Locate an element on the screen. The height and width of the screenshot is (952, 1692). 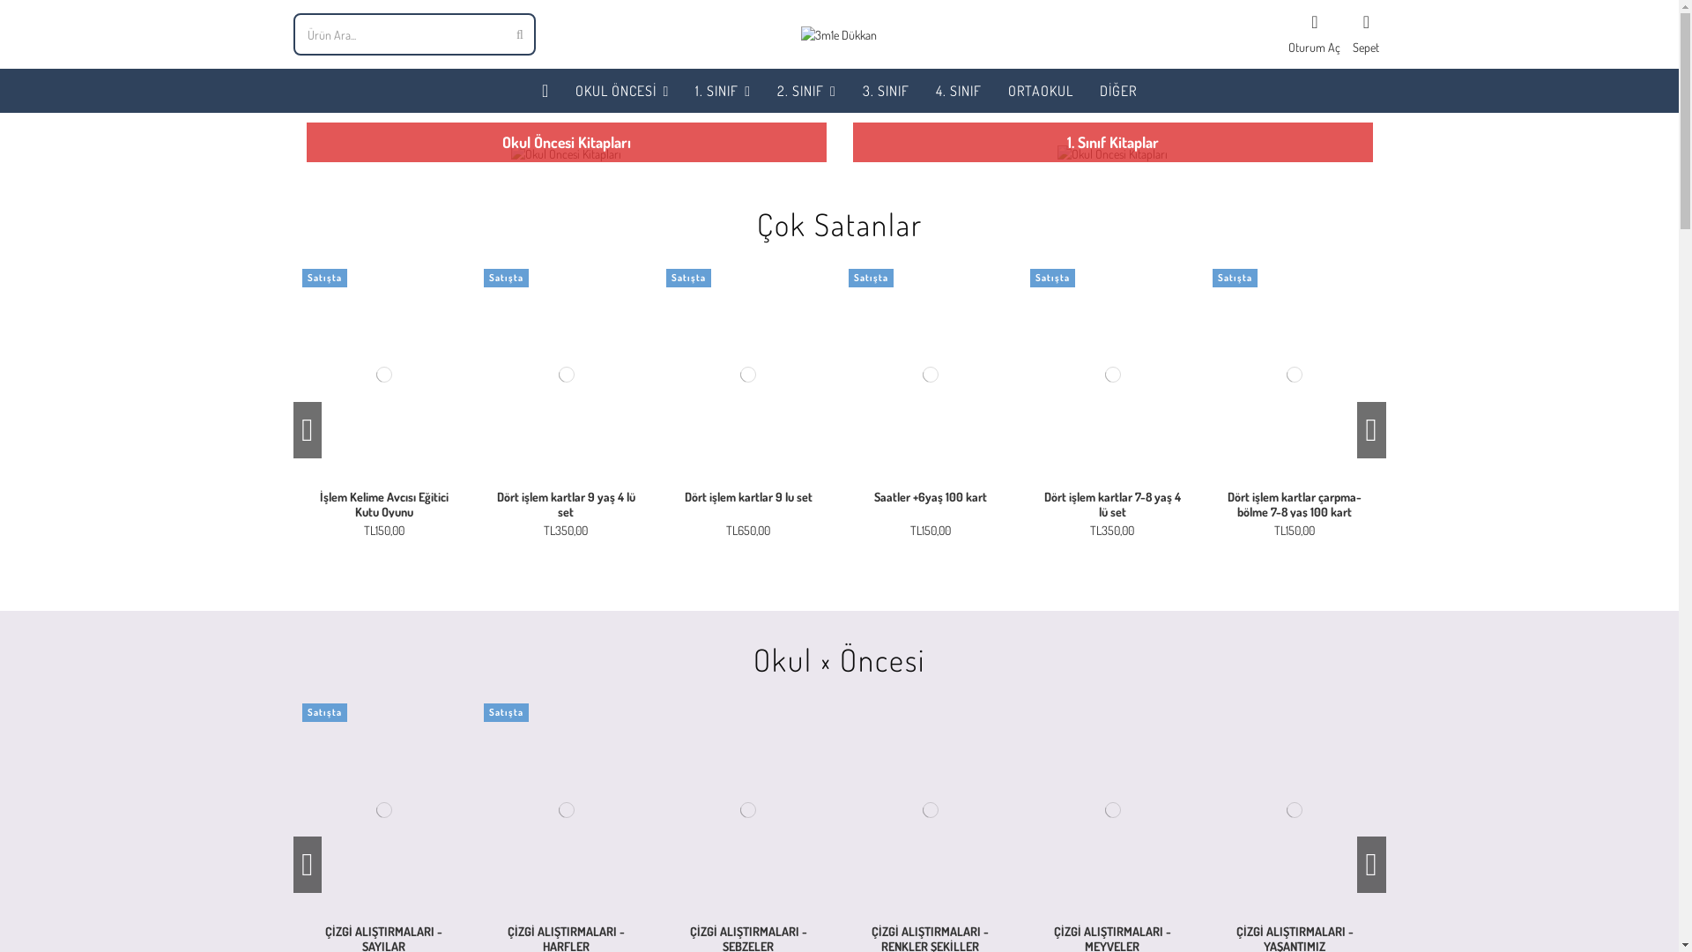
'ORTAOKUL' is located at coordinates (1040, 91).